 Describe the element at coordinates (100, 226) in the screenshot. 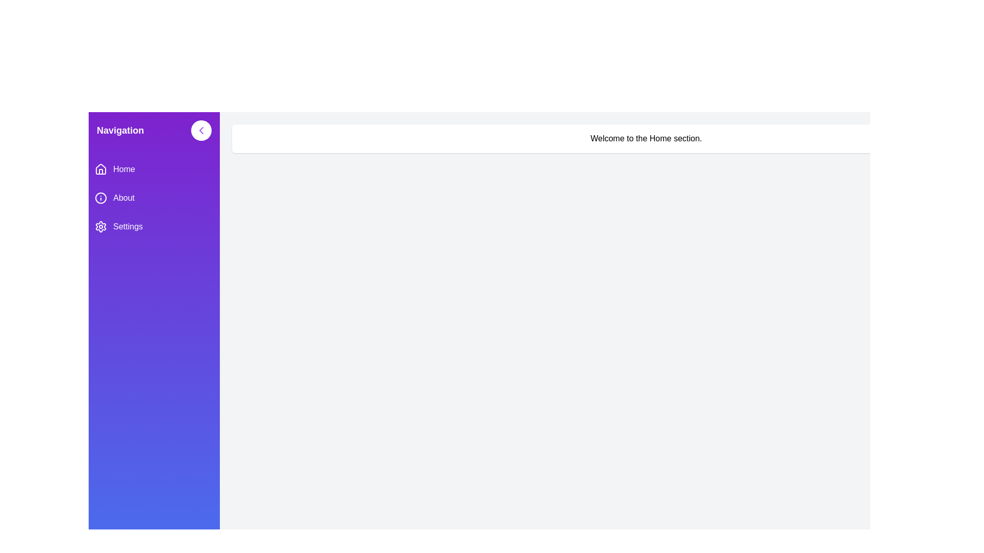

I see `the 'Settings' icon in the vertical navigation bar, which is the third item below 'Home' and 'About'` at that location.